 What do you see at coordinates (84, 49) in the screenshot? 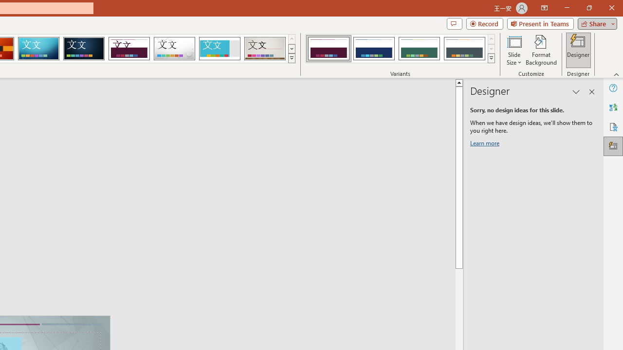
I see `'Damask'` at bounding box center [84, 49].